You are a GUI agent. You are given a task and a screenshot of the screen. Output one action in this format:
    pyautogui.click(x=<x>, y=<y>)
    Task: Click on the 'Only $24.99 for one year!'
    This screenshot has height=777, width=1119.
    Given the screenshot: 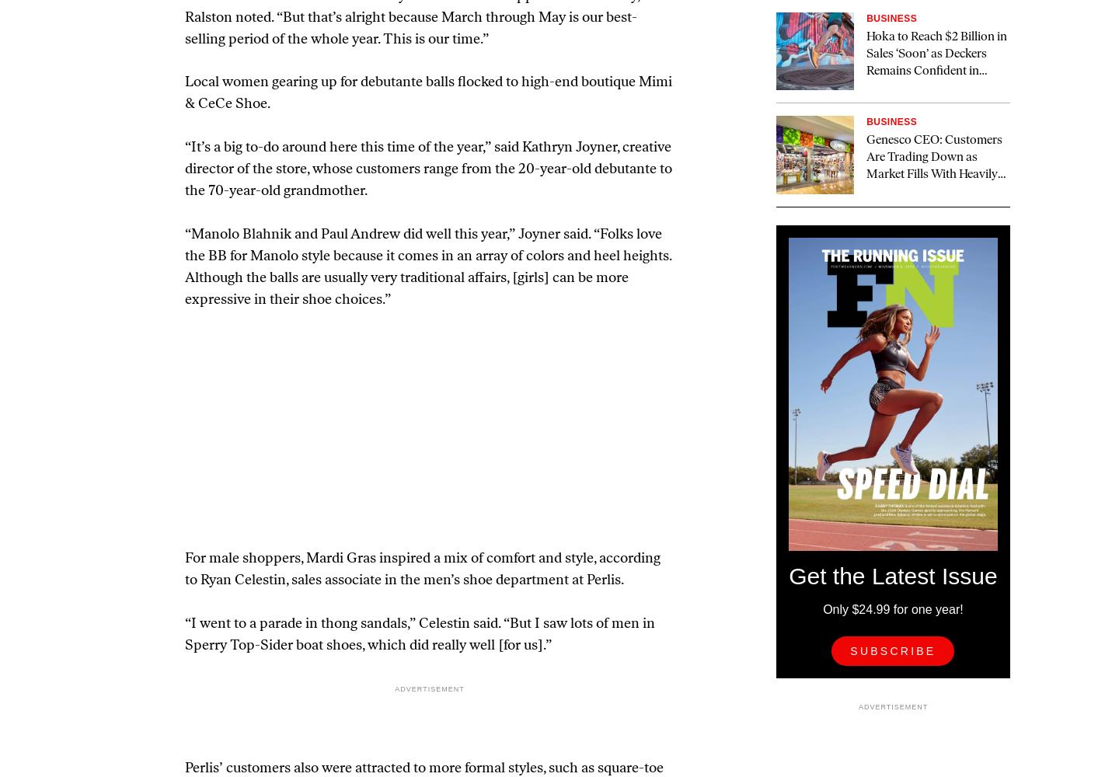 What is the action you would take?
    pyautogui.click(x=892, y=608)
    